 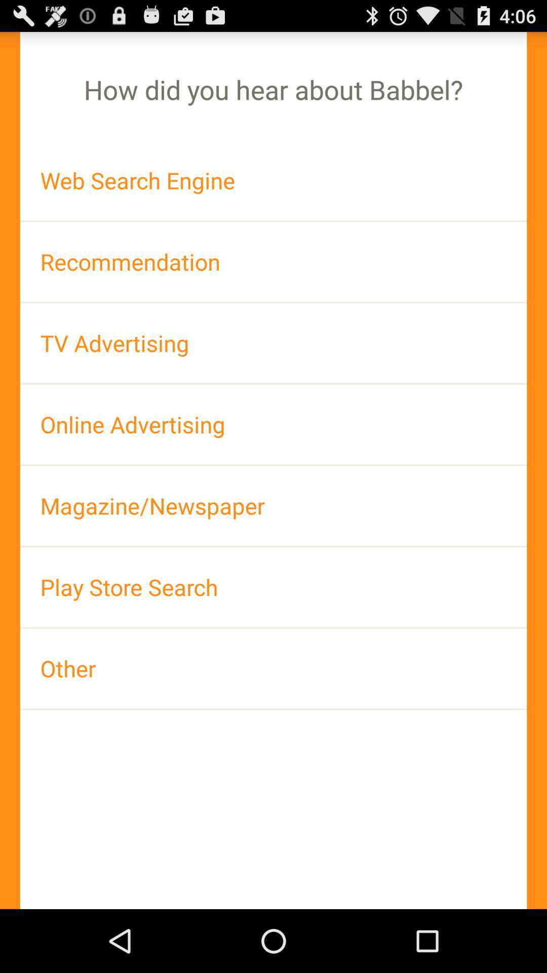 What do you see at coordinates (273, 587) in the screenshot?
I see `app above other item` at bounding box center [273, 587].